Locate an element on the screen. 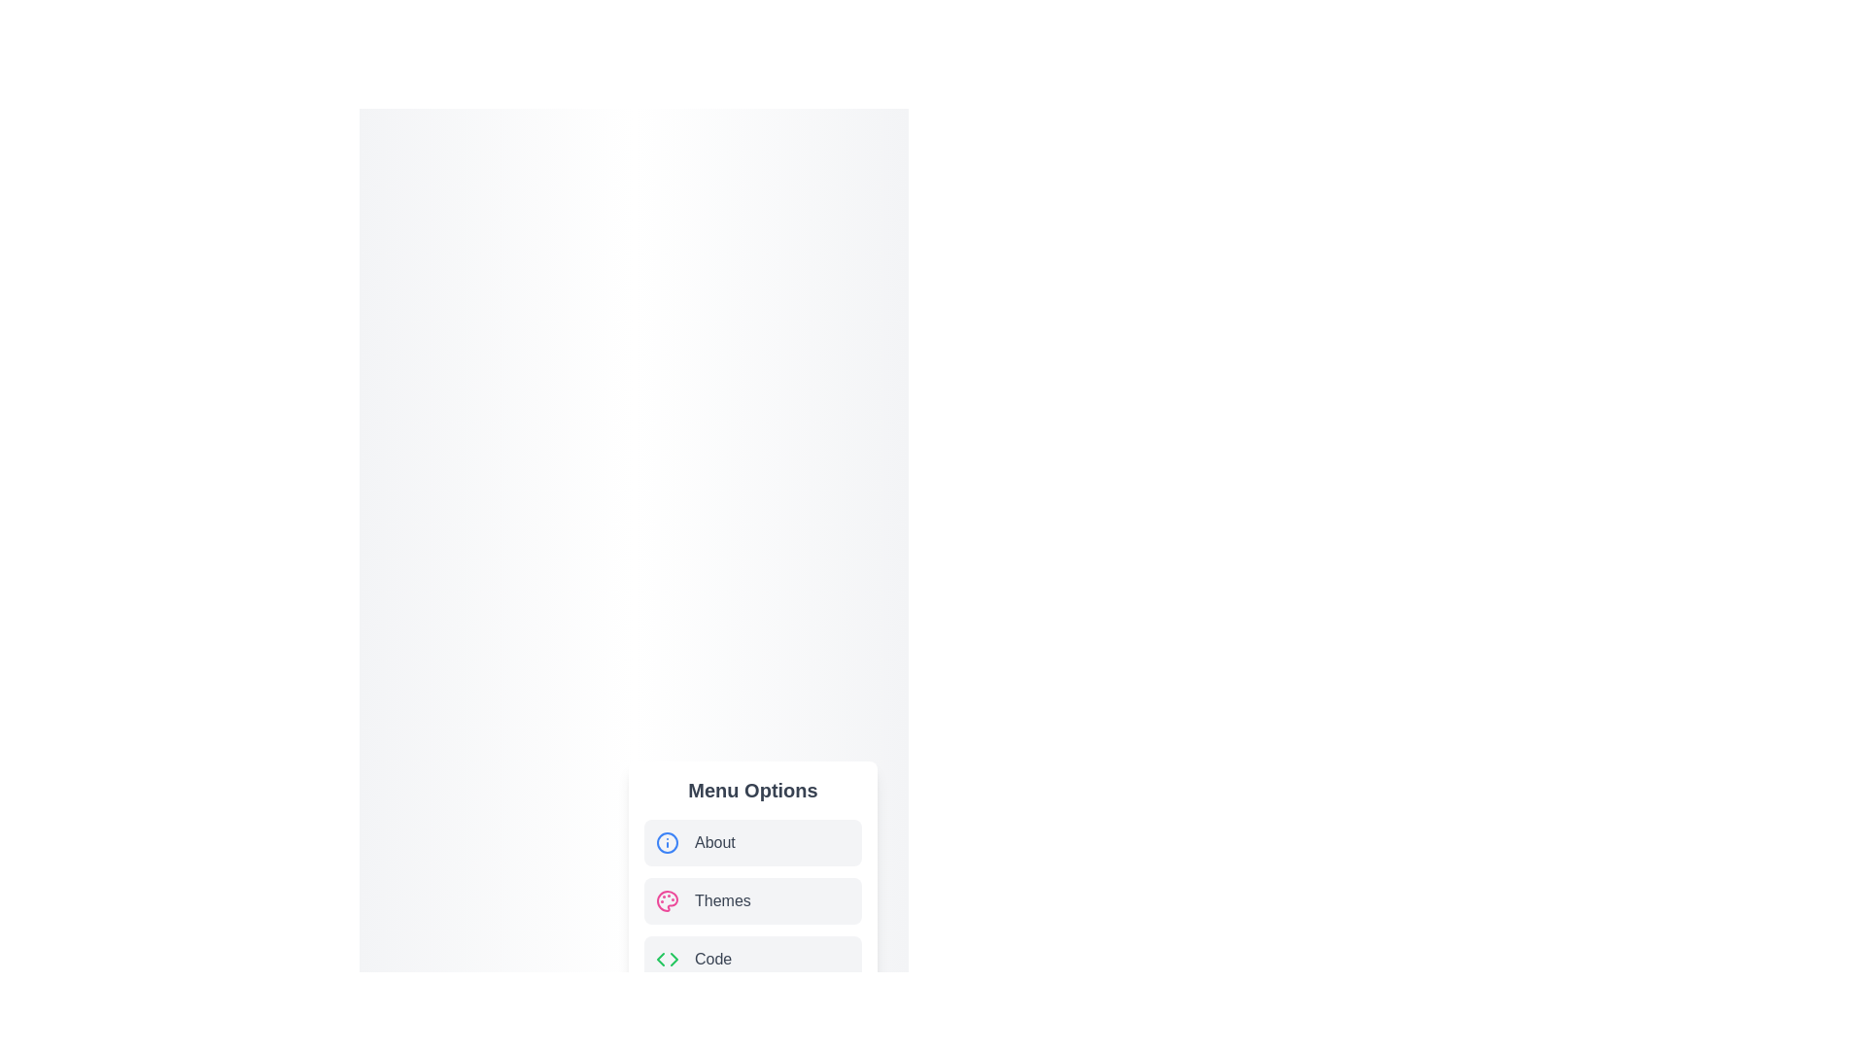 The height and width of the screenshot is (1049, 1866). the 'Themes' menu icon, which is the leftmost icon in its group, located below the 'About' menu item and above the 'Code' menu item is located at coordinates (667, 901).